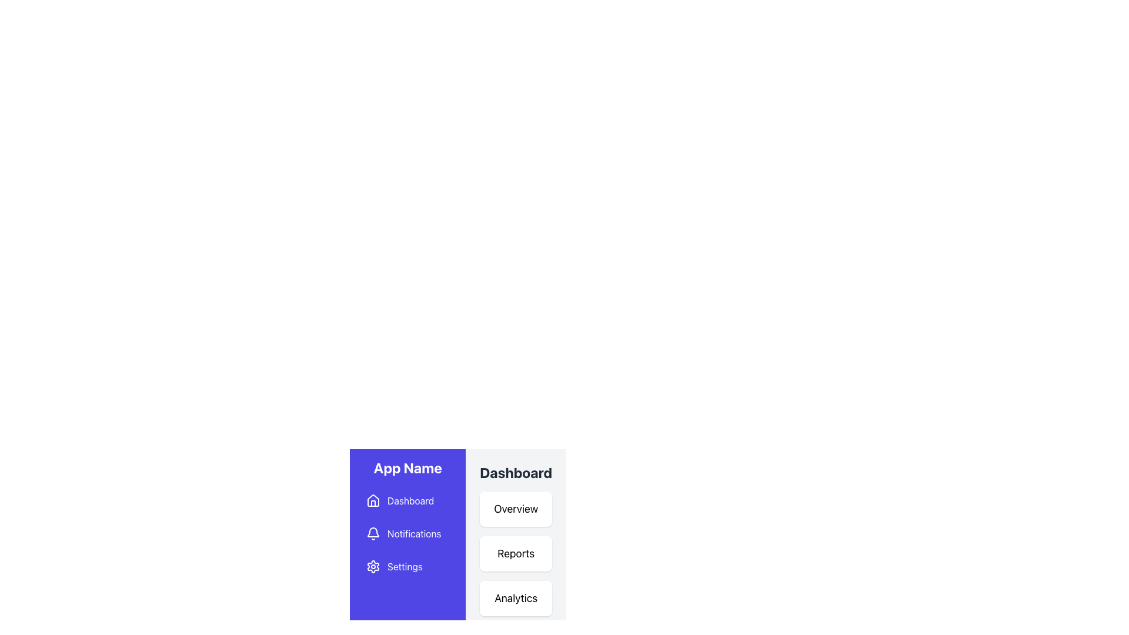 The image size is (1129, 635). Describe the element at coordinates (516, 553) in the screenshot. I see `the white rectangular button labeled 'Reports' located in the center column under the 'Dashboard' header` at that location.